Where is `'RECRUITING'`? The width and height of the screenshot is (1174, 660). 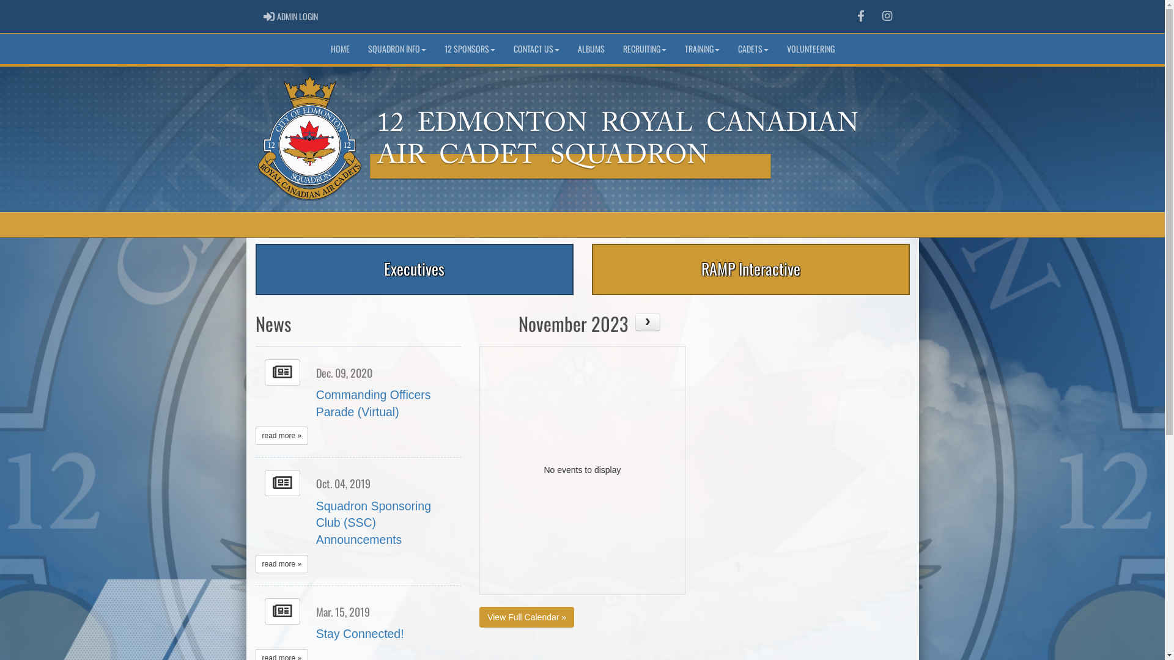 'RECRUITING' is located at coordinates (613, 48).